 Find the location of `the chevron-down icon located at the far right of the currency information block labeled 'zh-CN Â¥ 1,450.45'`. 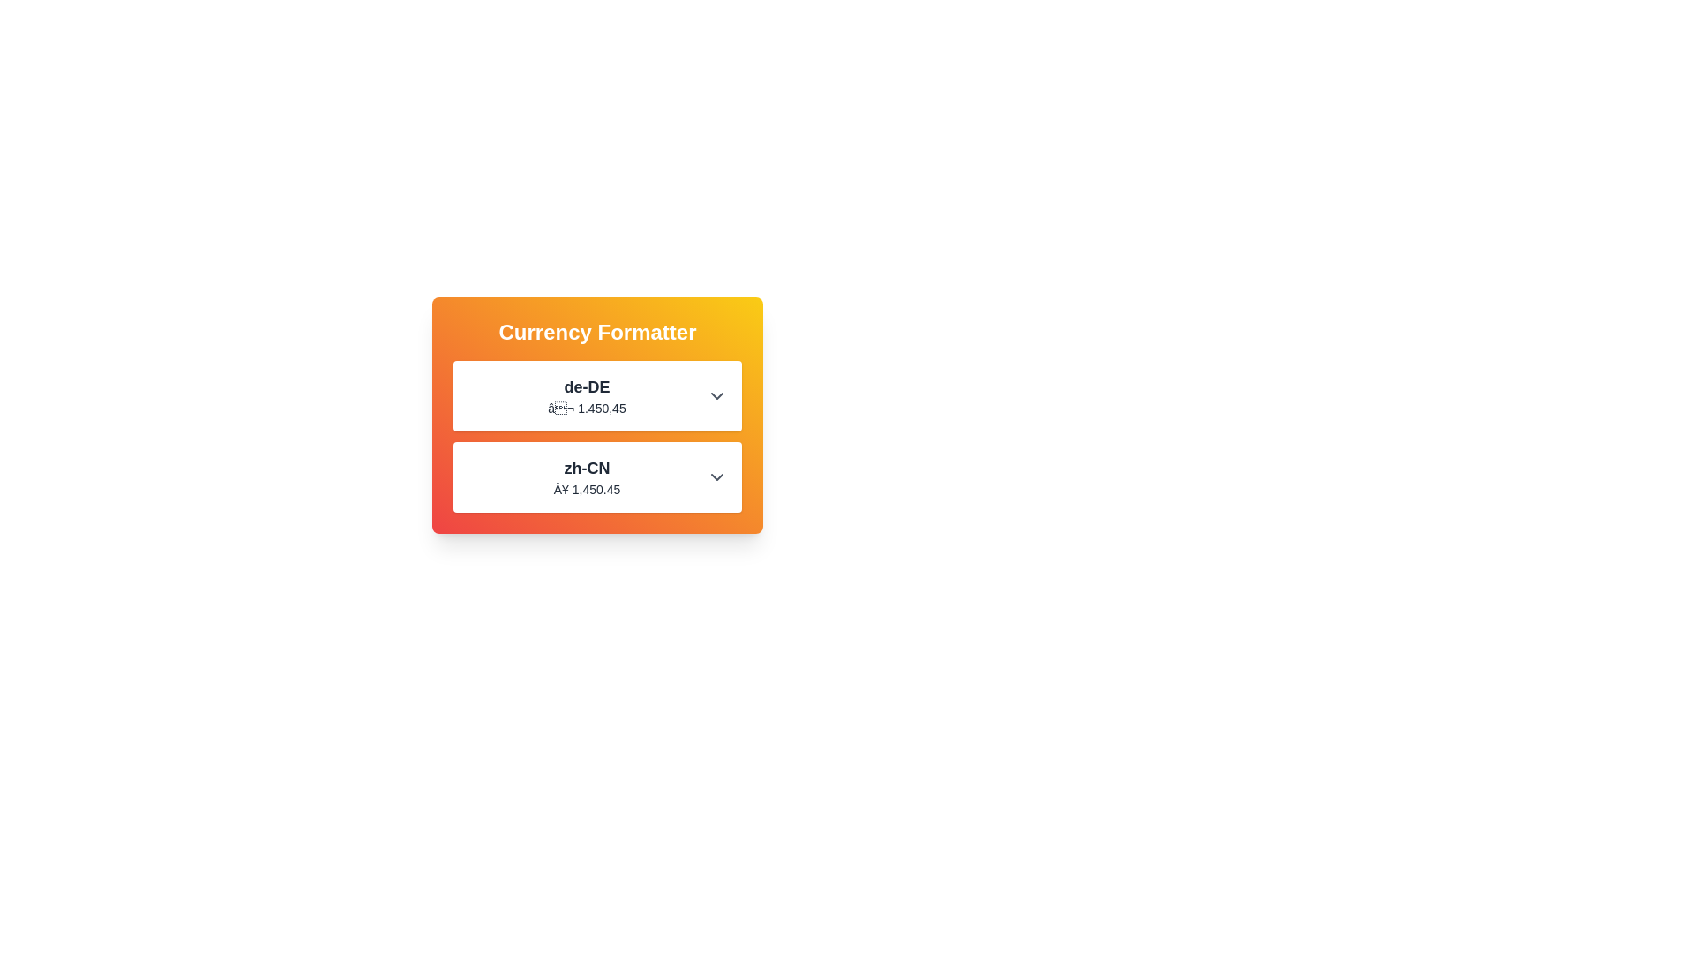

the chevron-down icon located at the far right of the currency information block labeled 'zh-CN Â¥ 1,450.45' is located at coordinates (716, 476).